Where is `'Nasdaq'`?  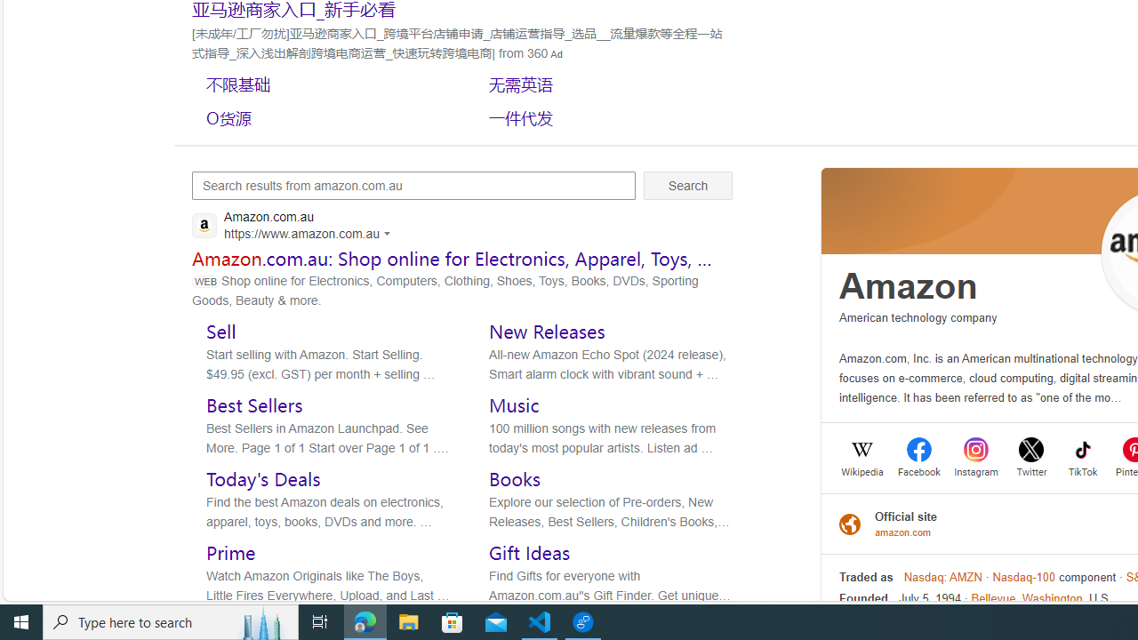
'Nasdaq' is located at coordinates (924, 577).